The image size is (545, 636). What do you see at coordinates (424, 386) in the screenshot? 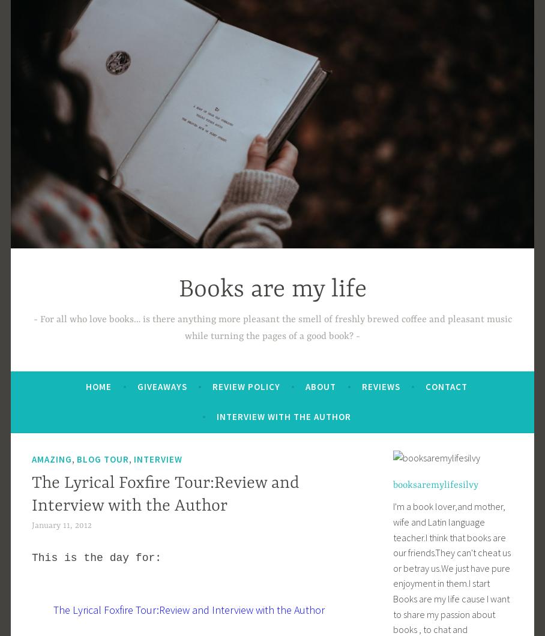
I see `'Contact'` at bounding box center [424, 386].